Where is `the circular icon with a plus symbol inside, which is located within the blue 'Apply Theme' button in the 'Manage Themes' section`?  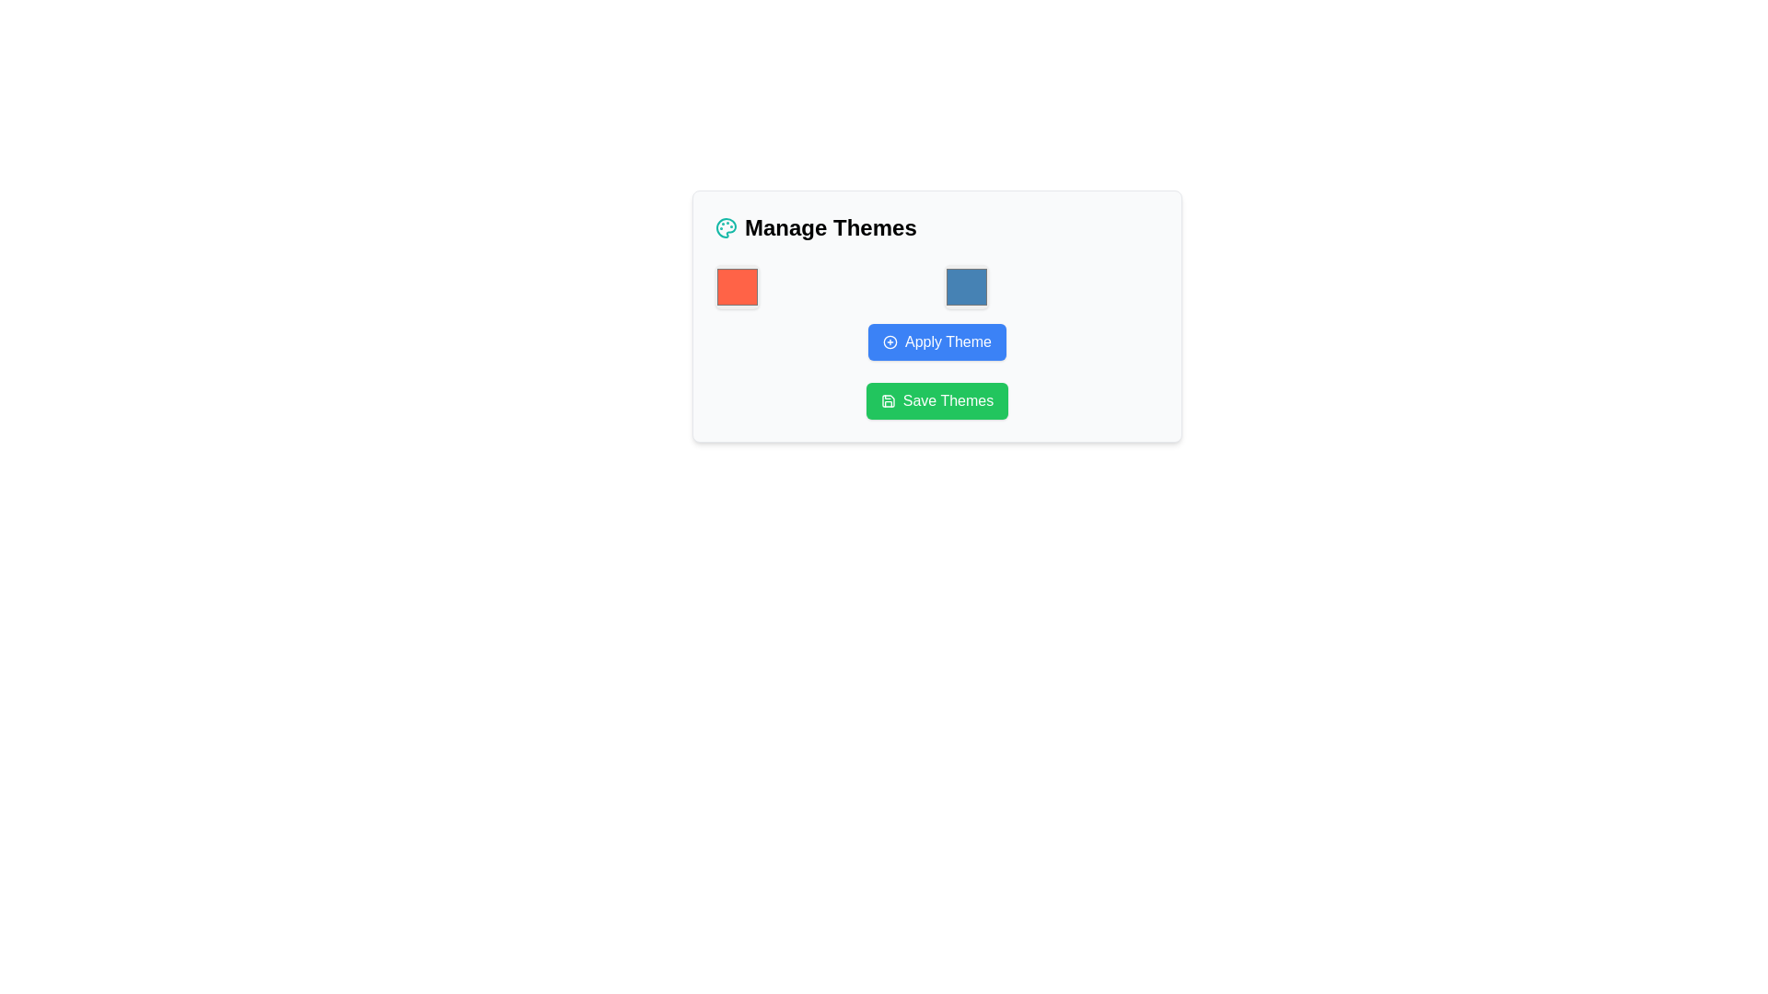
the circular icon with a plus symbol inside, which is located within the blue 'Apply Theme' button in the 'Manage Themes' section is located at coordinates (890, 341).